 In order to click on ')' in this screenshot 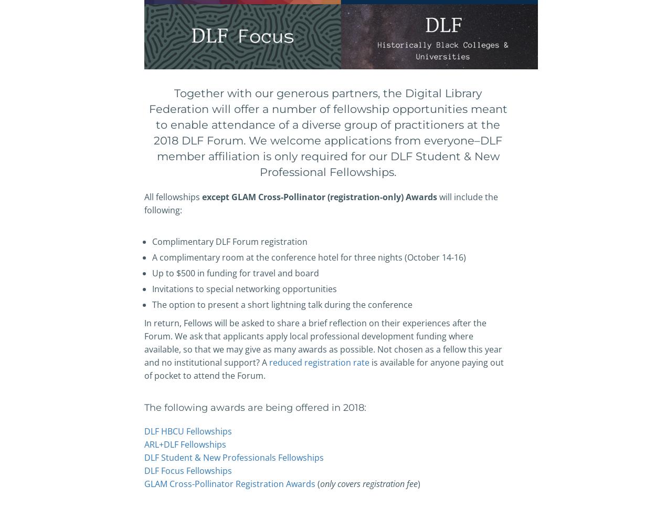, I will do `click(419, 483)`.